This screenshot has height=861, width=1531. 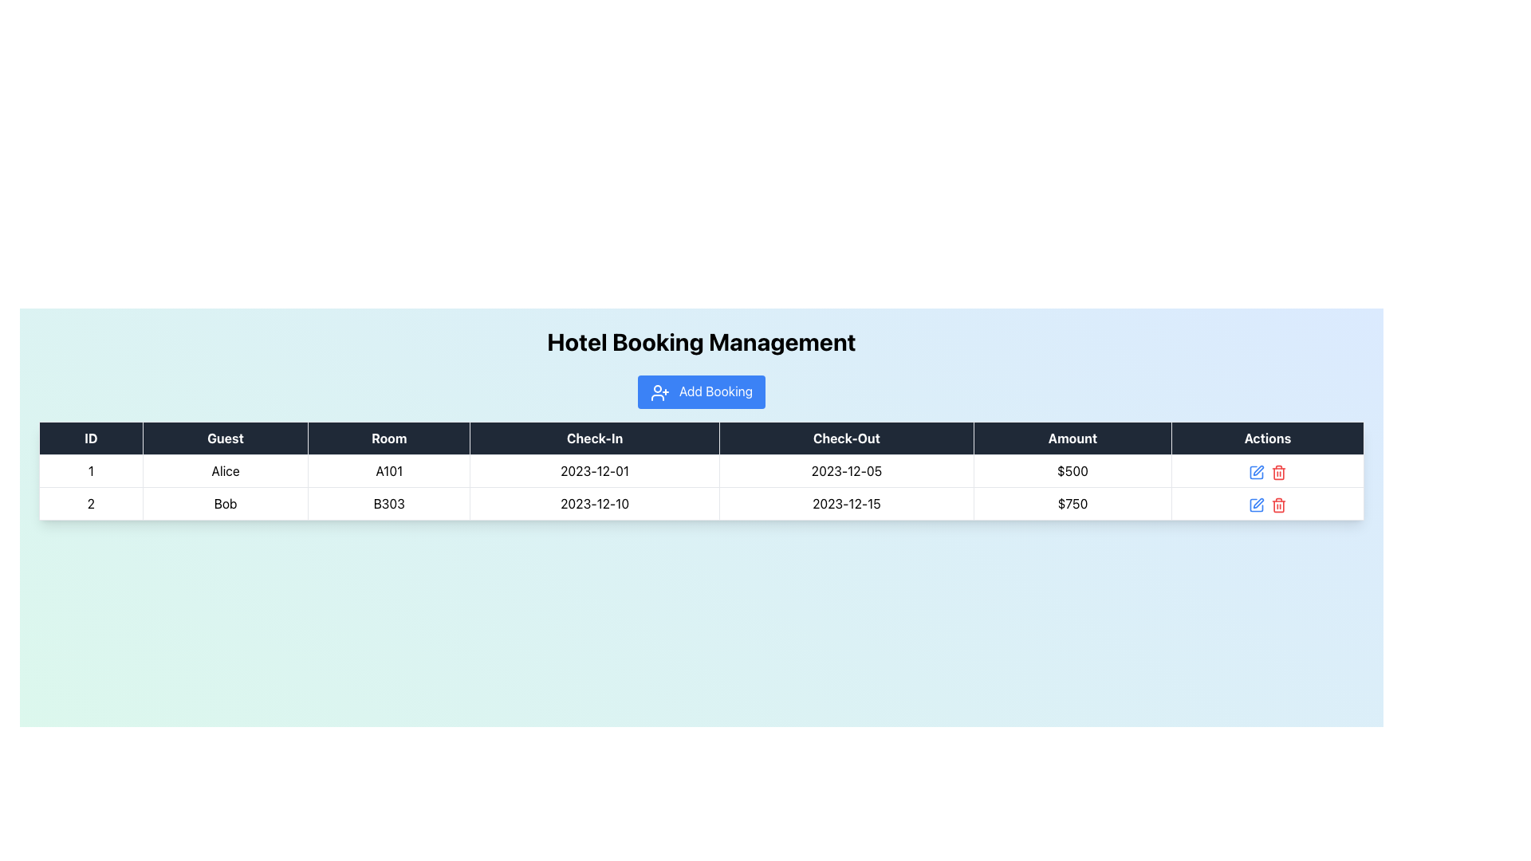 What do you see at coordinates (90, 470) in the screenshot?
I see `the first cell in the first row of the table under the 'ID' column, which displays the unique identifier for a record` at bounding box center [90, 470].